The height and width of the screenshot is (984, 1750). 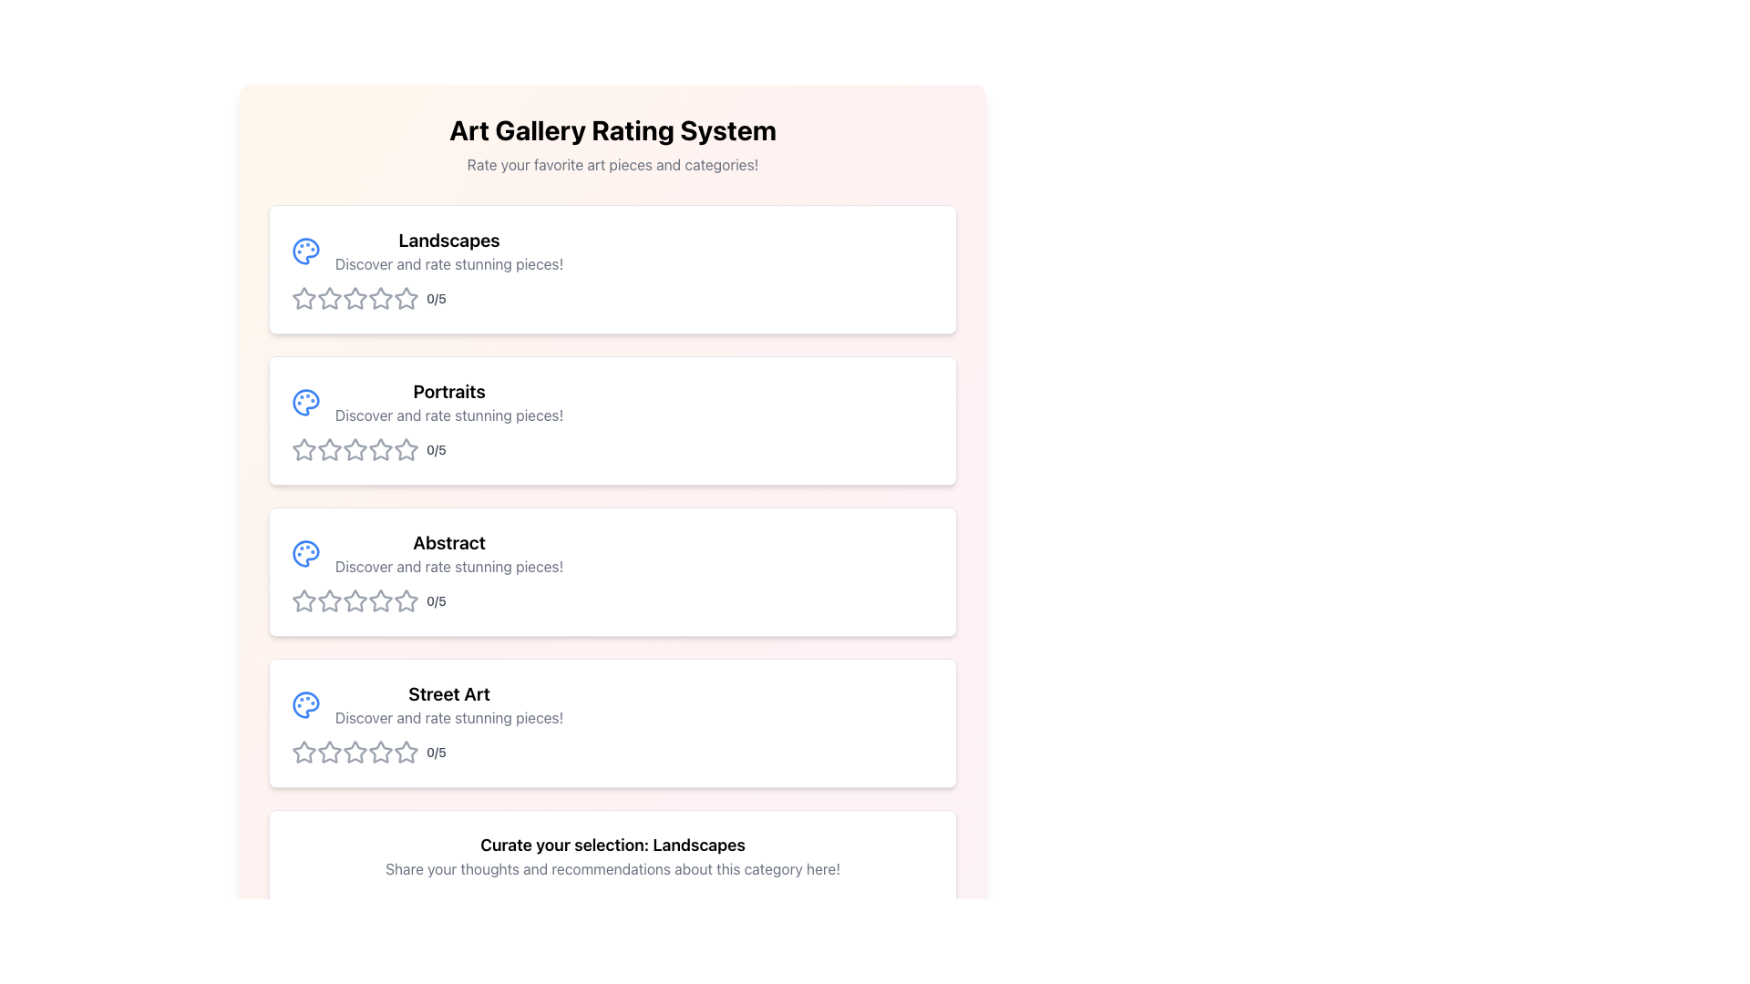 I want to click on the numerical text label "0/5" displayed in gray, which is positioned in the bottom-right corner of the "Street Art" category section, to the right of a row of star icons, so click(x=436, y=752).